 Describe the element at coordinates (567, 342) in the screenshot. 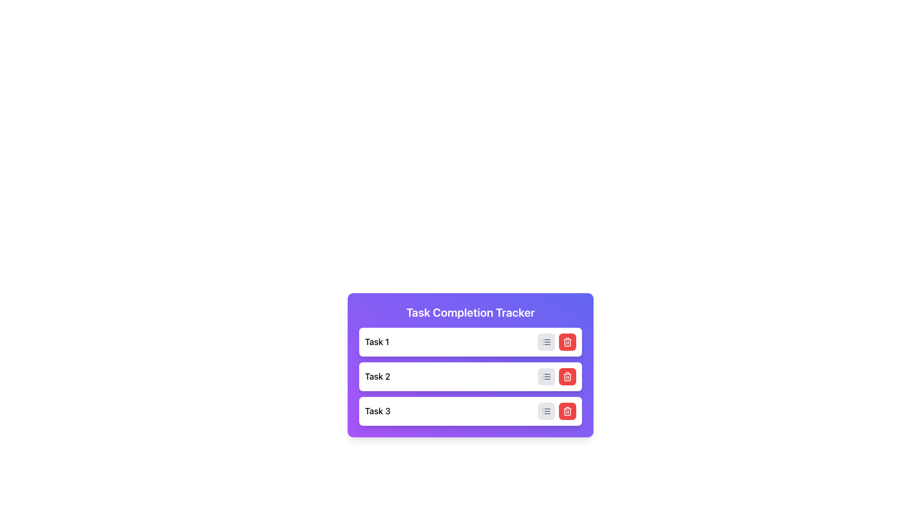

I see `the red button with a white trash icon located at the far right of the first task entry row` at that location.